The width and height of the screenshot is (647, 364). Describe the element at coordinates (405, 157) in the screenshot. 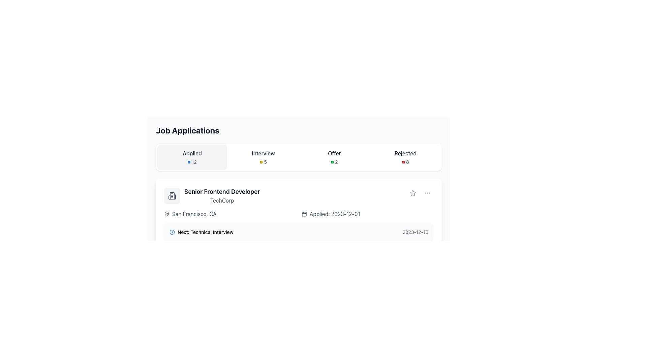

I see `the label indicating the number of rejected job applications, which is the last element in the row of status indicators` at that location.